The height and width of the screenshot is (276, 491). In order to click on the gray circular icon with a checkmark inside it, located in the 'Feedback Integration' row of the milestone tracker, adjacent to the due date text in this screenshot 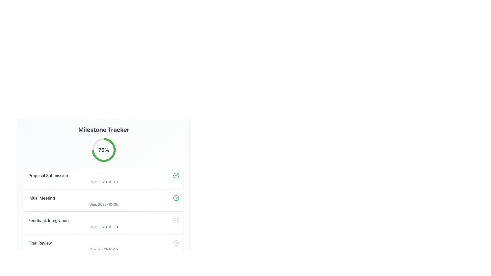, I will do `click(176, 220)`.